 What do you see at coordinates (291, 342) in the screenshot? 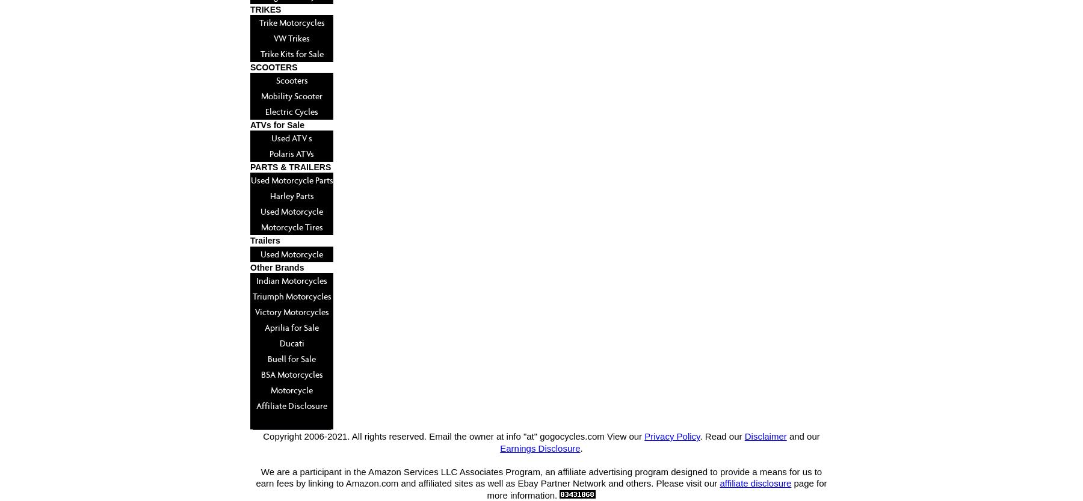
I see `'Ducati'` at bounding box center [291, 342].